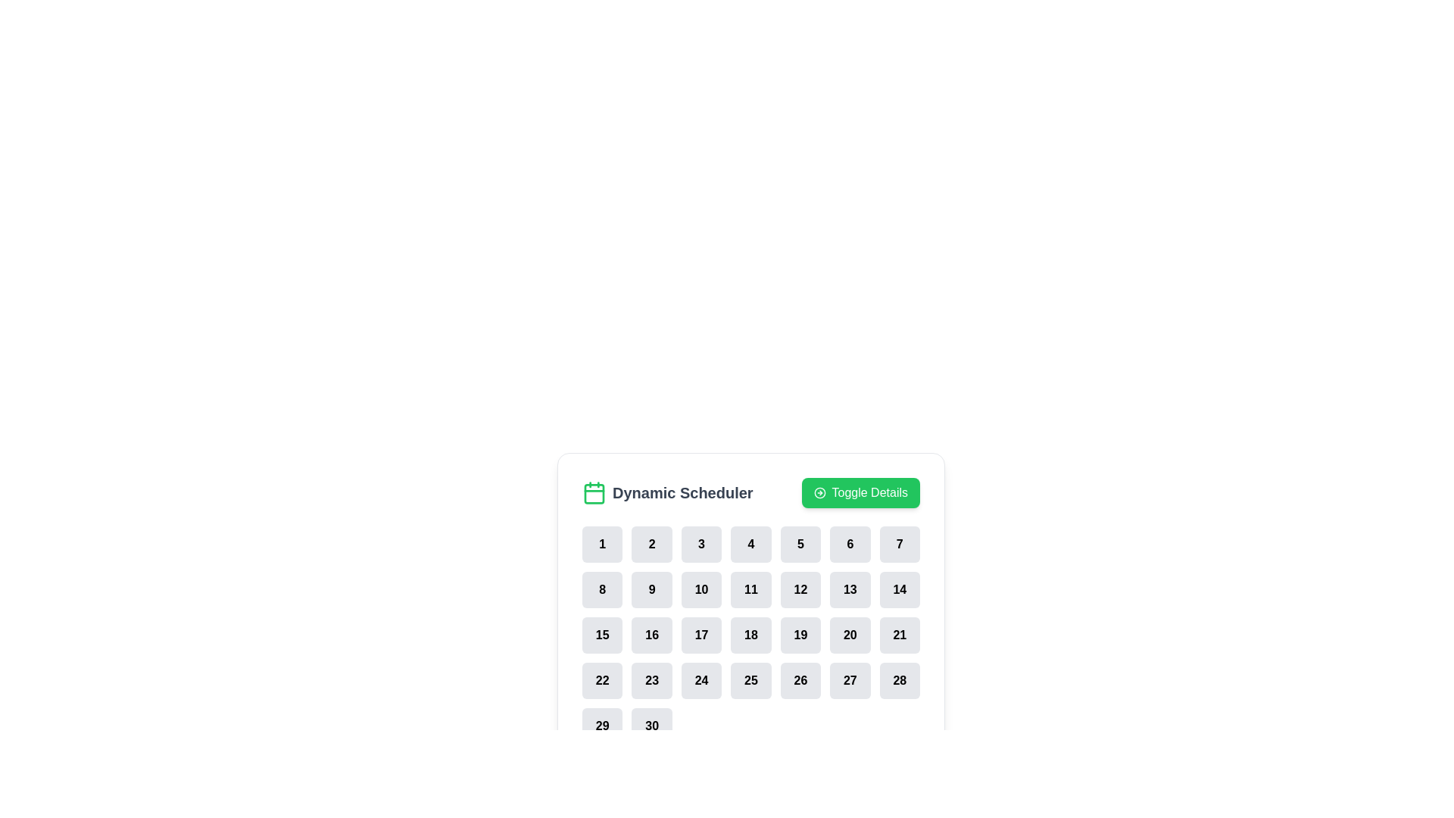 The image size is (1454, 818). Describe the element at coordinates (850, 589) in the screenshot. I see `the interactive button for selecting the number '13' in the scheduling system, located in the second row and sixth column of the grid layout` at that location.